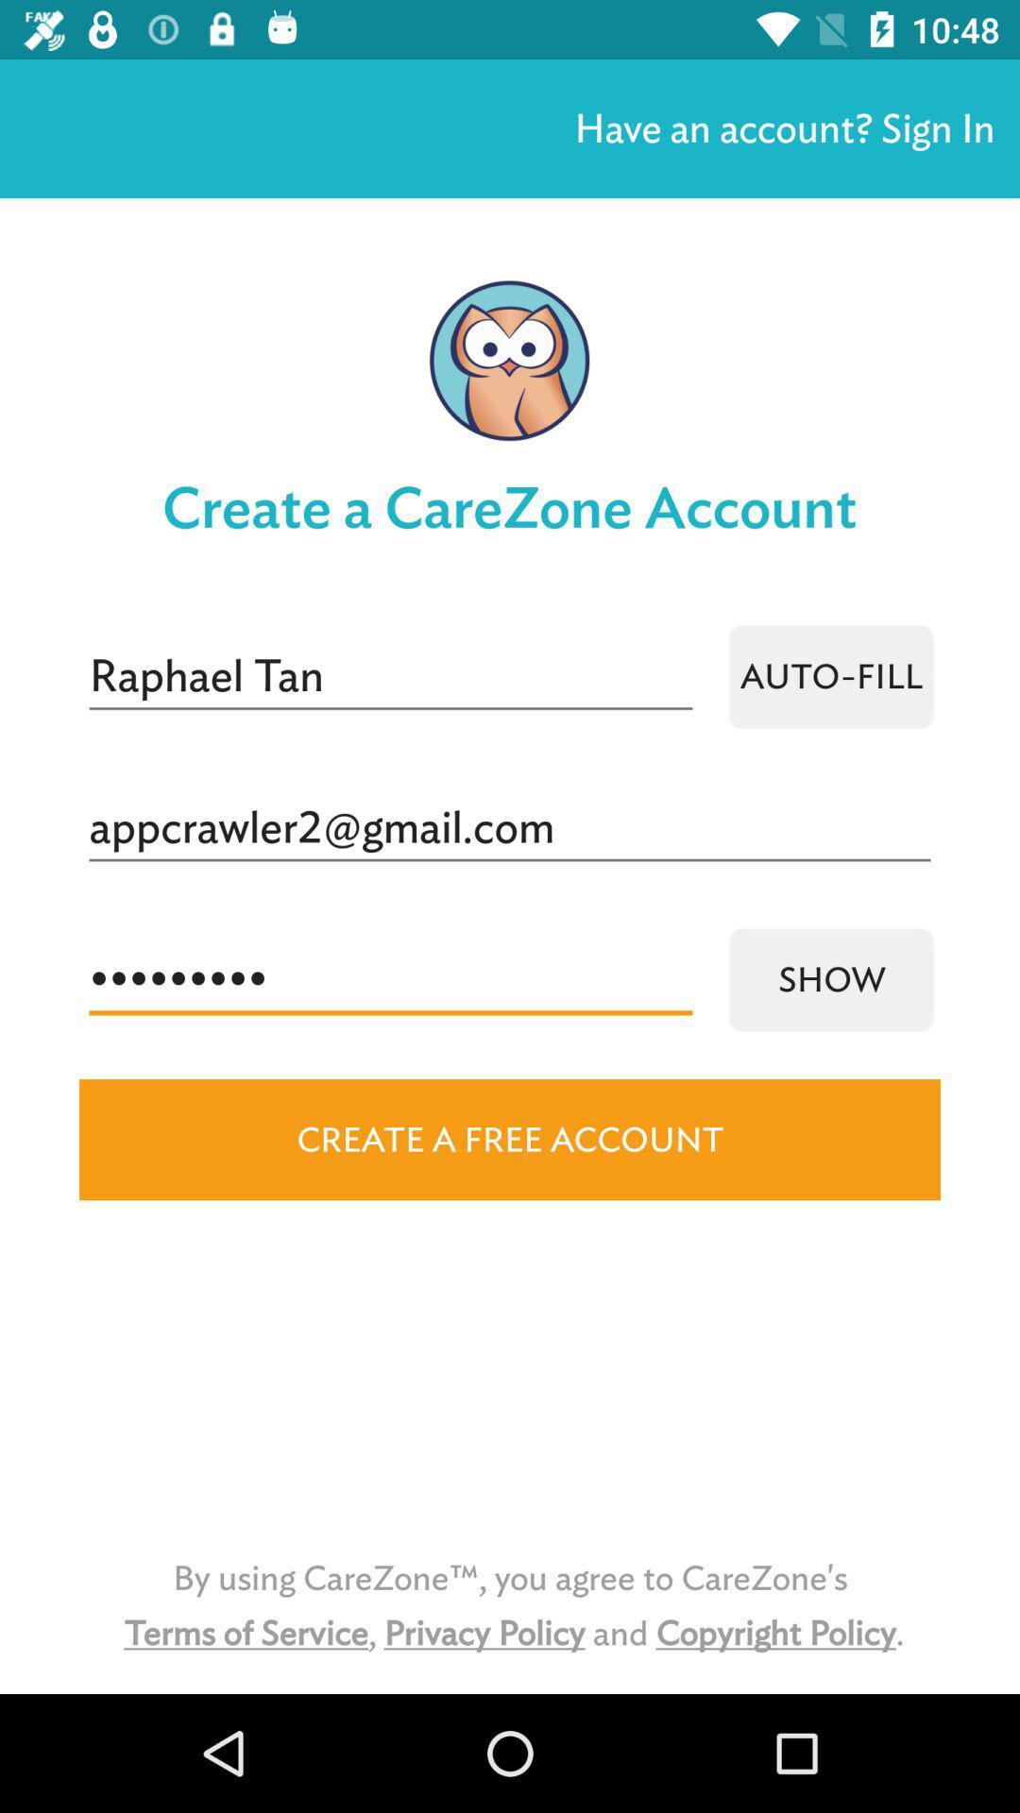 This screenshot has height=1813, width=1020. What do you see at coordinates (830, 979) in the screenshot?
I see `the icon next to the crowd3116` at bounding box center [830, 979].